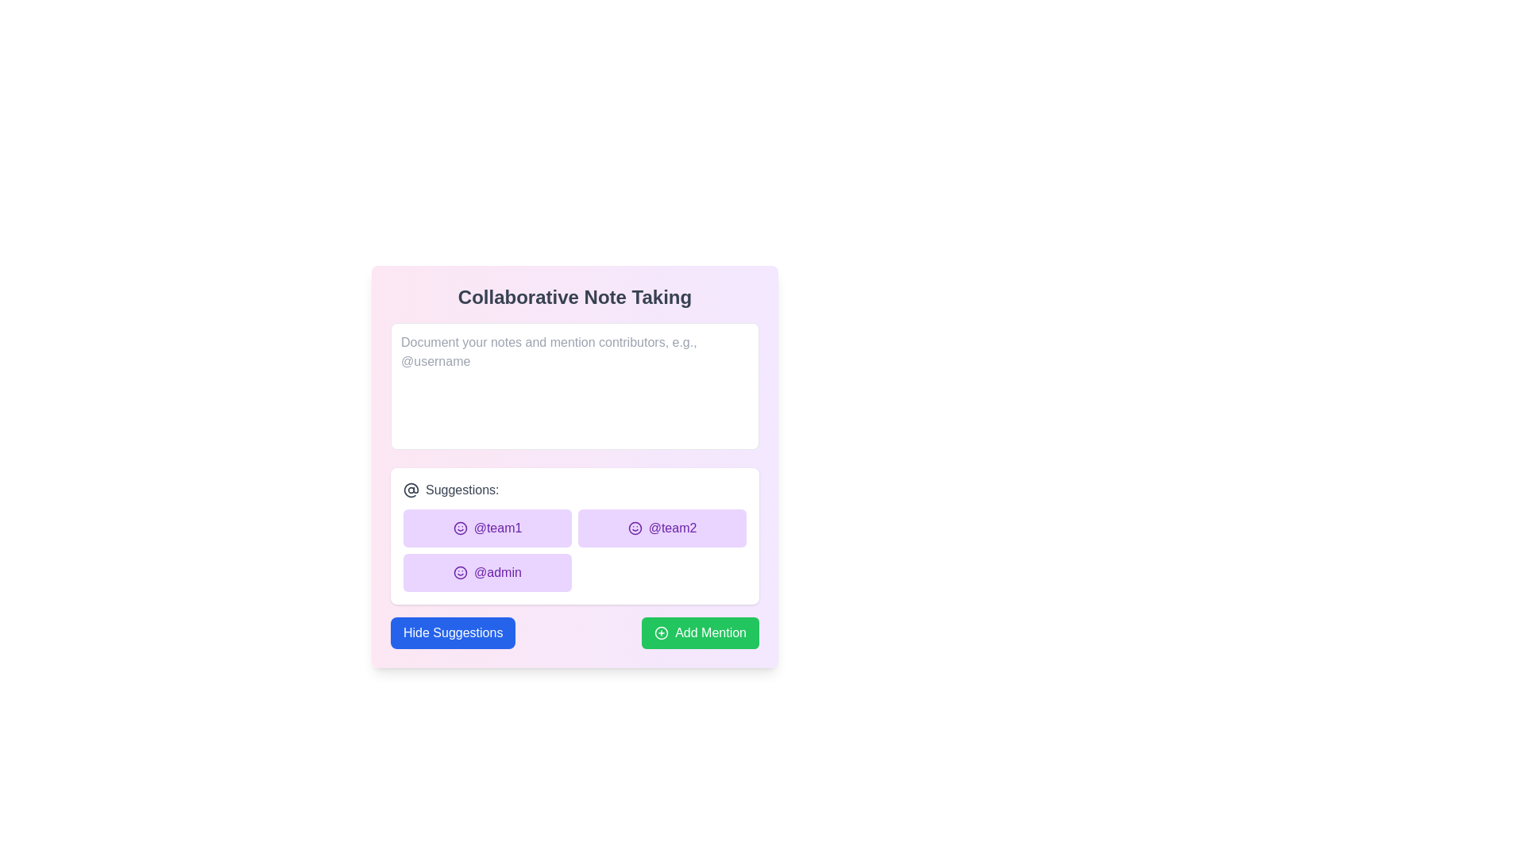 This screenshot has height=857, width=1525. I want to click on the text label that contains the word 'Suggestions:' which is styled with a medium-weight font and is located to the right of an '@' icon, so click(461, 489).